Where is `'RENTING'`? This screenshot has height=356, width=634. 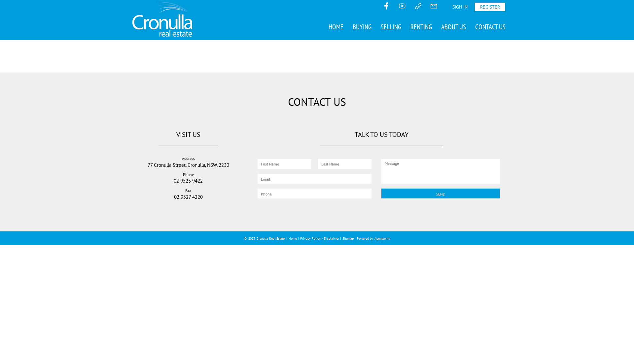
'RENTING' is located at coordinates (421, 26).